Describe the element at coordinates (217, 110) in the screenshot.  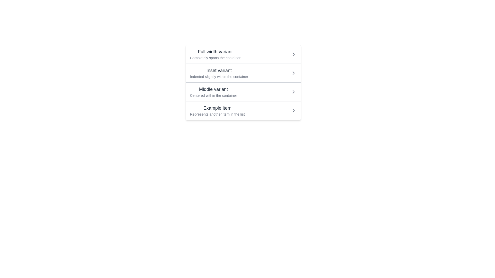
I see `the fourth list item that serves as an actionable descriptor` at that location.